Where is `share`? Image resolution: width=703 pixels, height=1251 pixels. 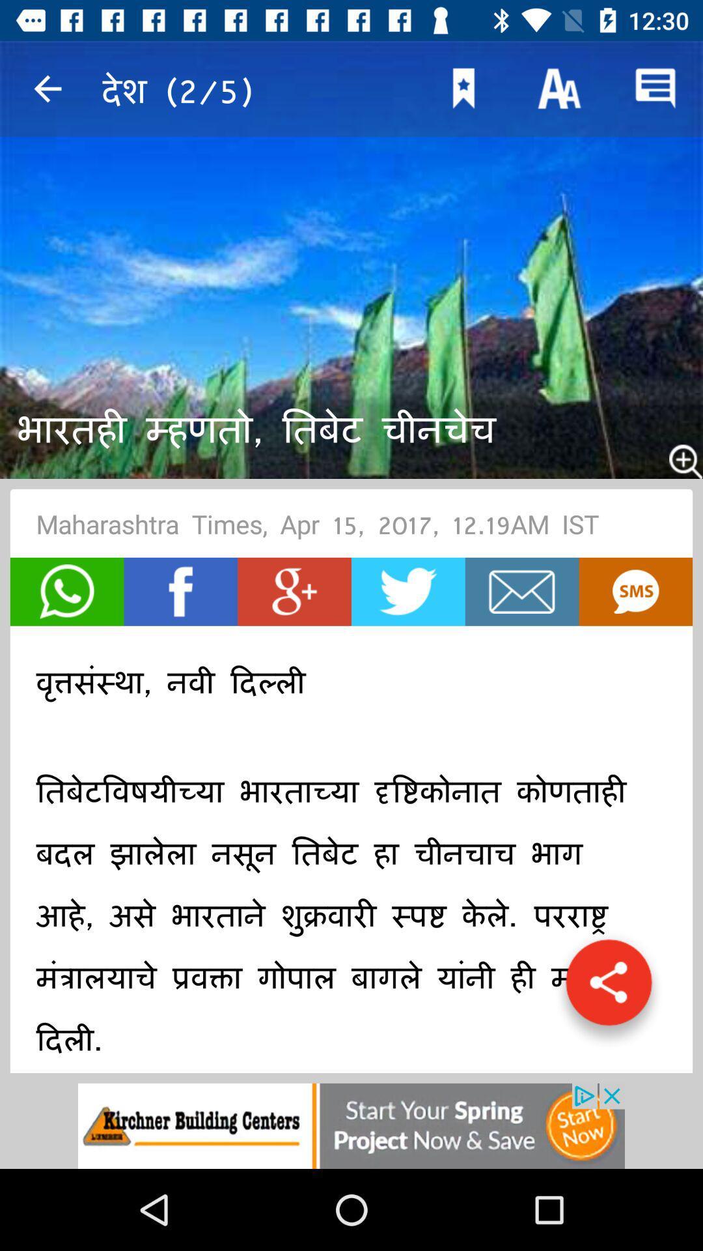
share is located at coordinates (609, 989).